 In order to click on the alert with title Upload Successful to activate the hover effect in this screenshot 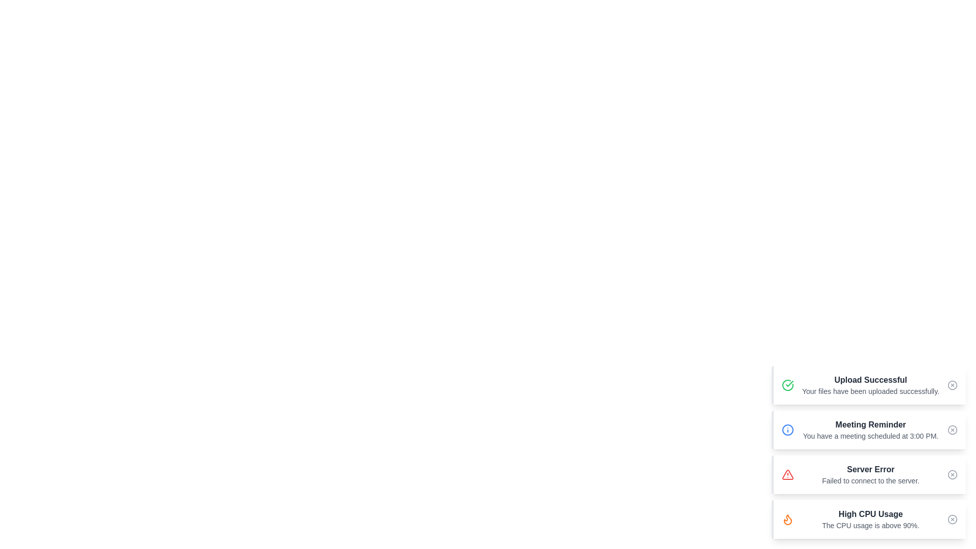, I will do `click(868, 385)`.